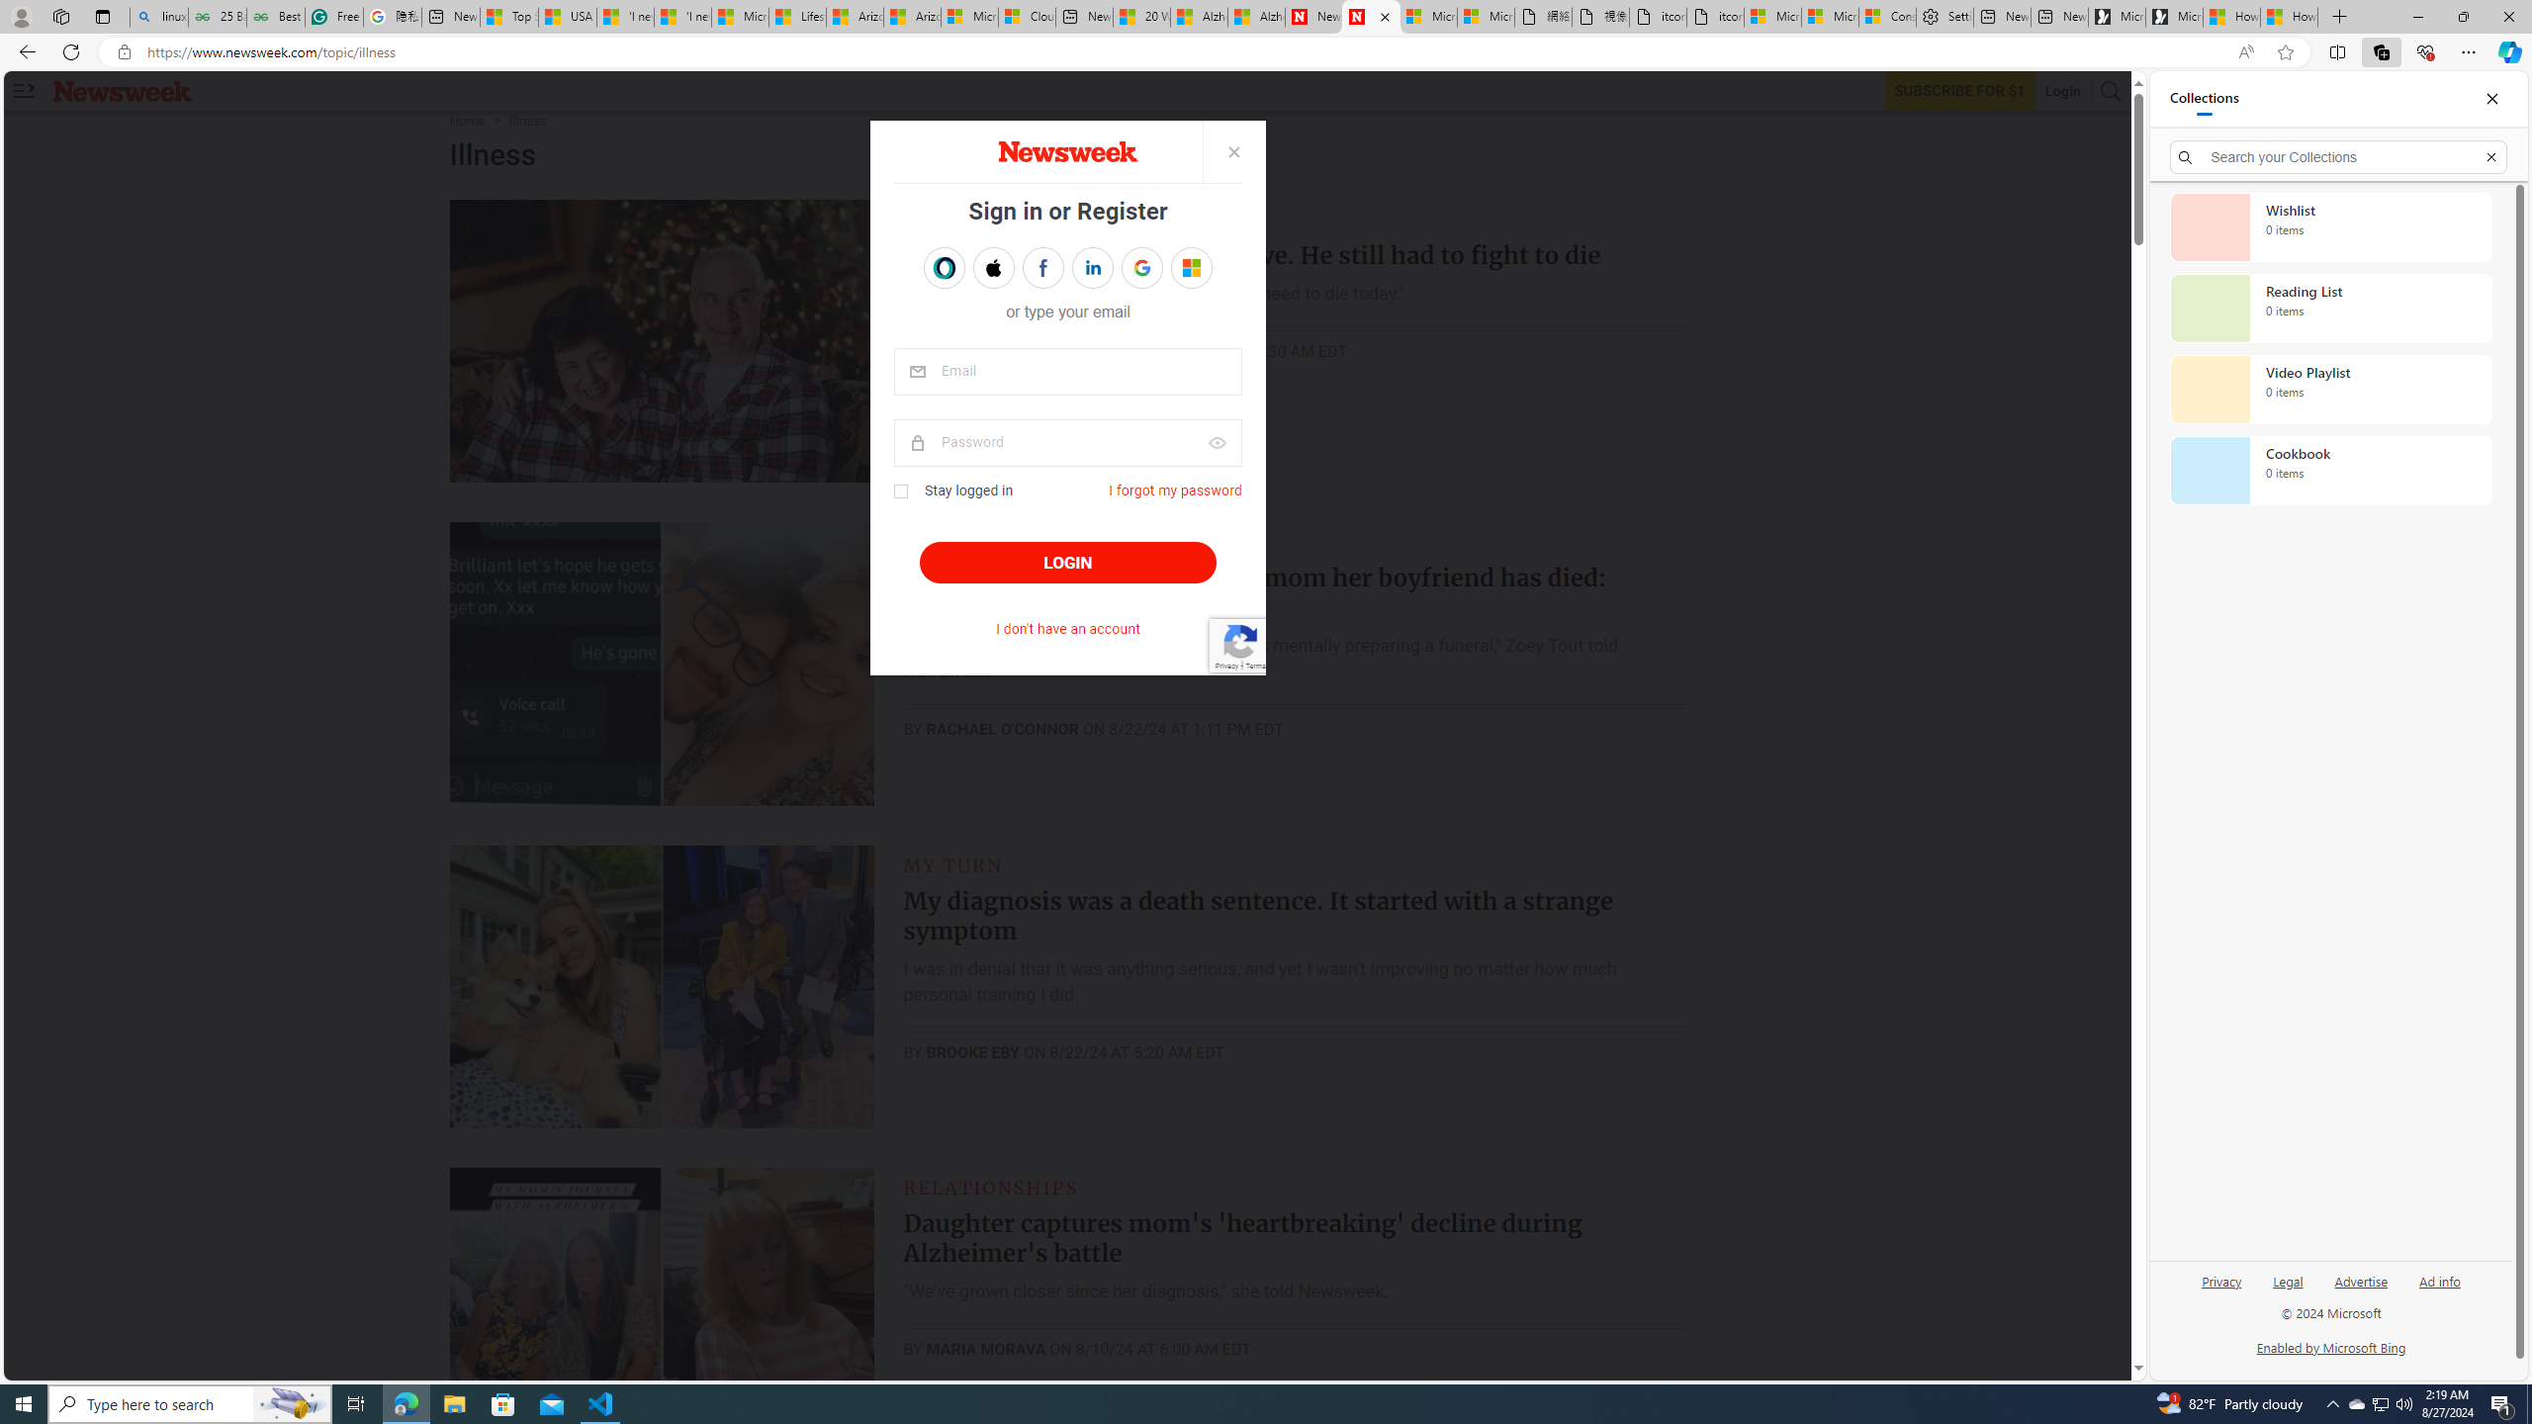  I want to click on 'itconcepthk.com/projector_solutions.mp4', so click(1714, 16).